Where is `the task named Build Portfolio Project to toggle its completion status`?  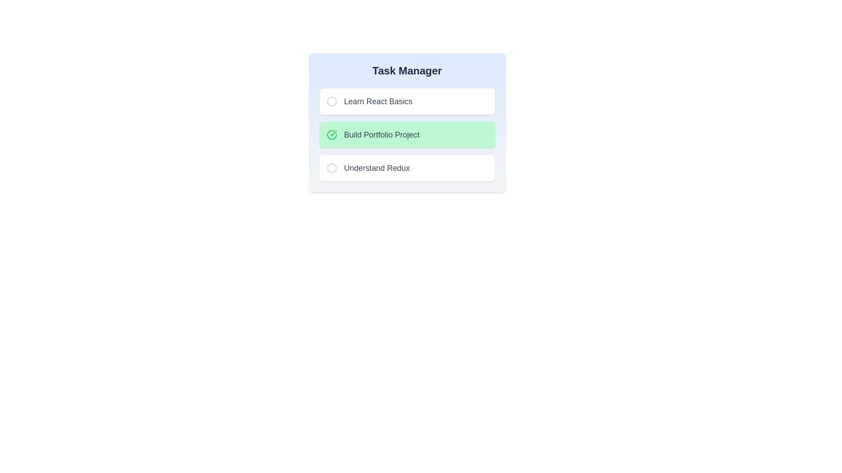
the task named Build Portfolio Project to toggle its completion status is located at coordinates (407, 135).